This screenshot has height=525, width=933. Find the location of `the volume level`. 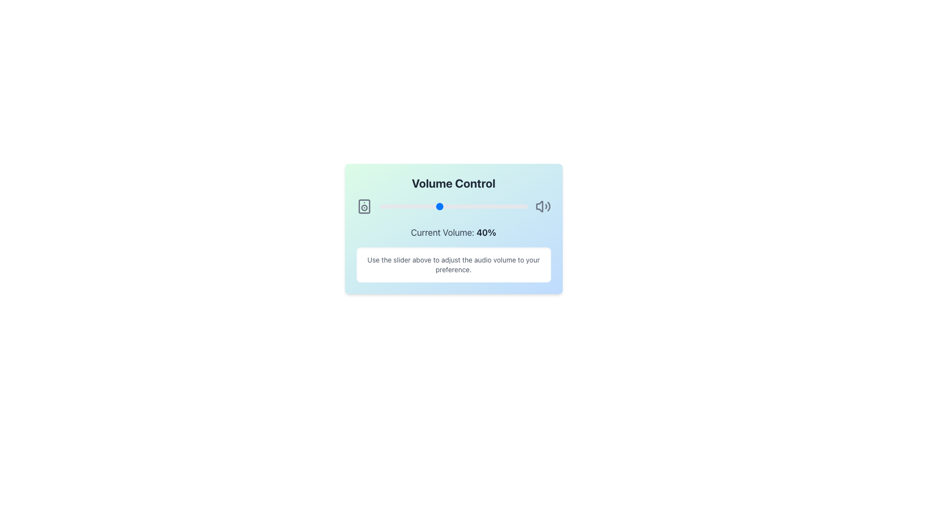

the volume level is located at coordinates (429, 206).